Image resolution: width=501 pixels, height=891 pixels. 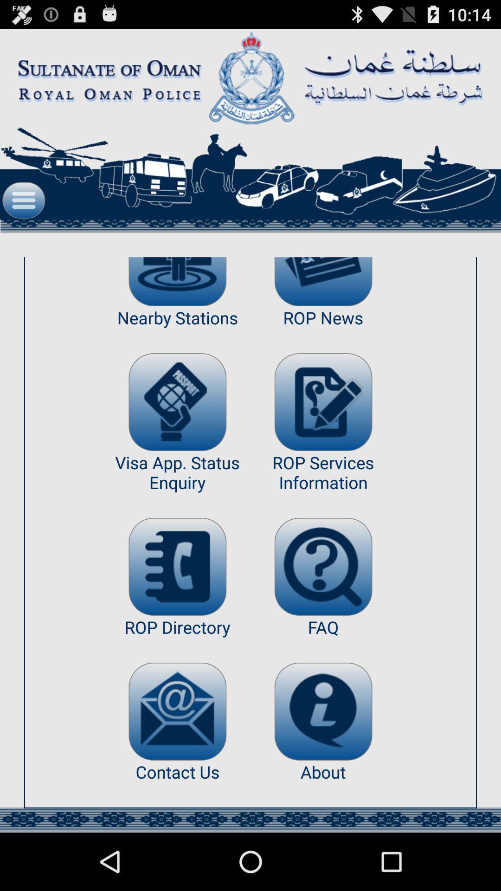 What do you see at coordinates (323, 566) in the screenshot?
I see `see frequently asked questions` at bounding box center [323, 566].